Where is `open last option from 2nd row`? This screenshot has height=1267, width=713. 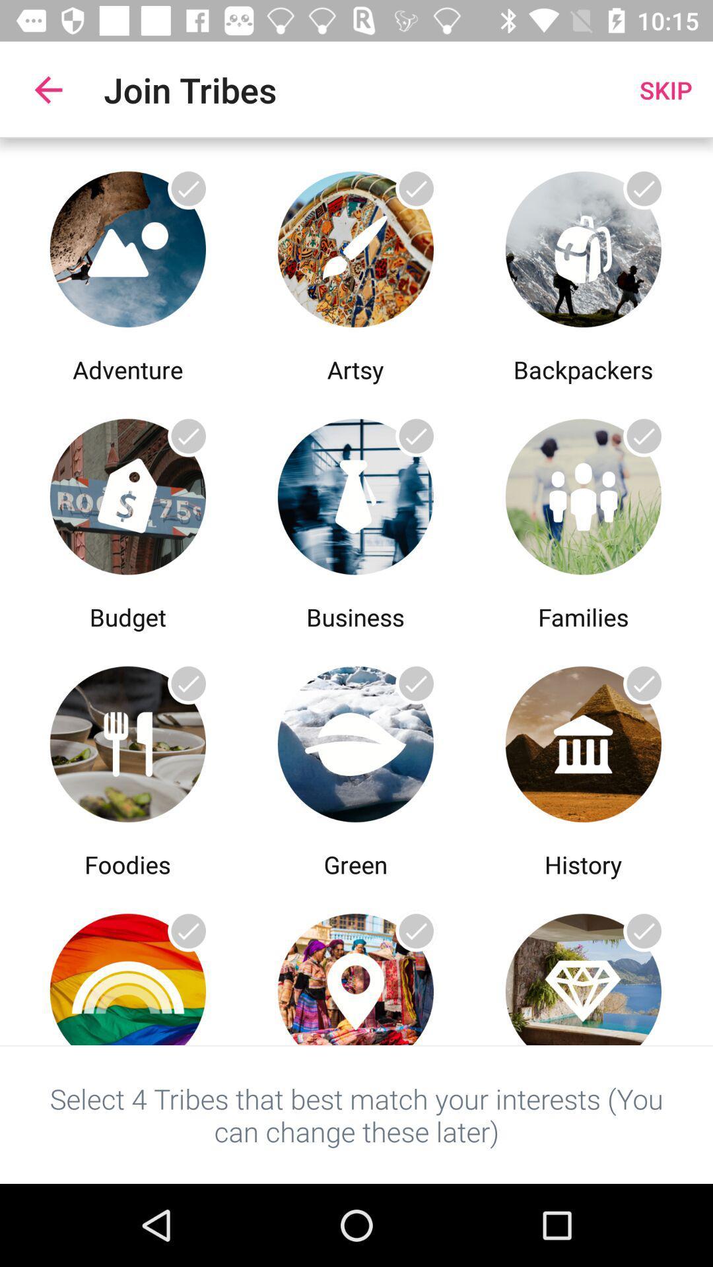
open last option from 2nd row is located at coordinates (582, 492).